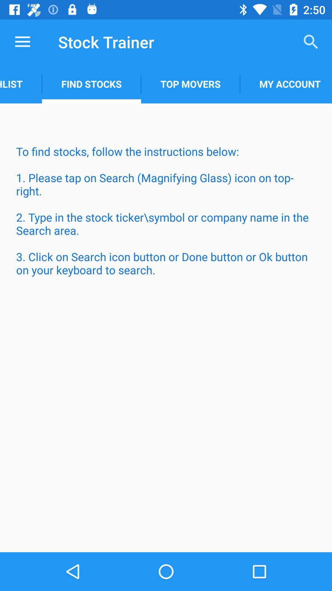 The height and width of the screenshot is (591, 332). I want to click on item to the left of my account app, so click(190, 84).